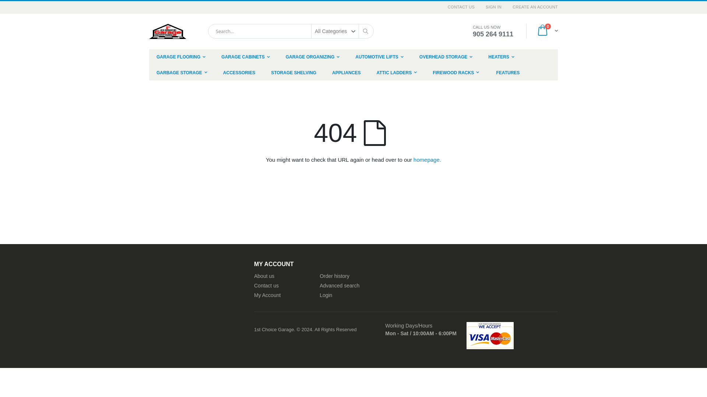 This screenshot has width=707, height=397. What do you see at coordinates (481, 57) in the screenshot?
I see `'HEATERS'` at bounding box center [481, 57].